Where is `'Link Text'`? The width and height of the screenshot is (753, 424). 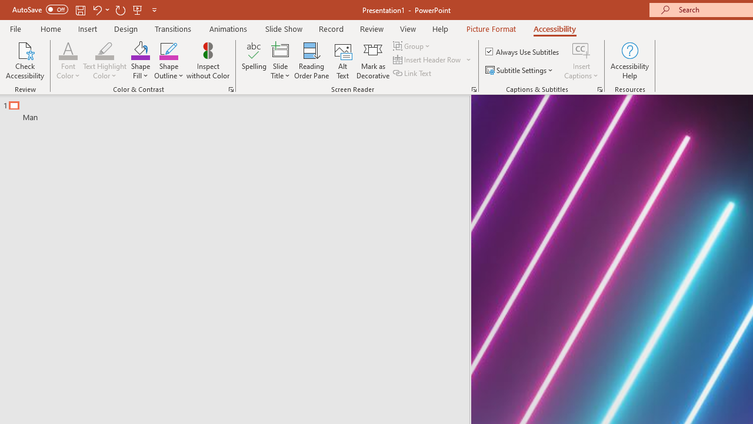
'Link Text' is located at coordinates (413, 73).